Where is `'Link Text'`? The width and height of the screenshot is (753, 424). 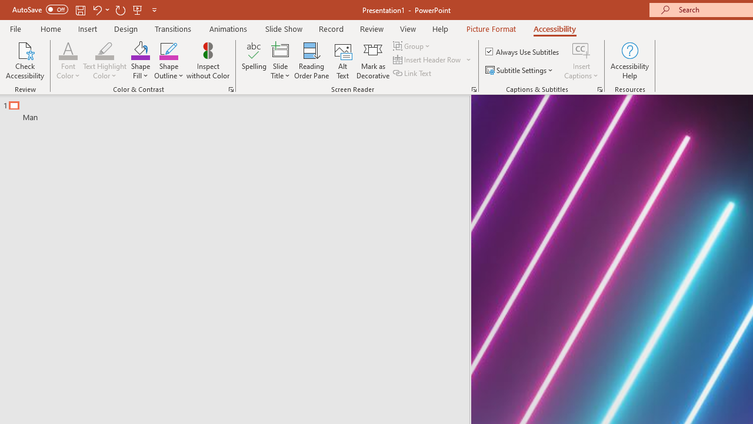
'Link Text' is located at coordinates (413, 73).